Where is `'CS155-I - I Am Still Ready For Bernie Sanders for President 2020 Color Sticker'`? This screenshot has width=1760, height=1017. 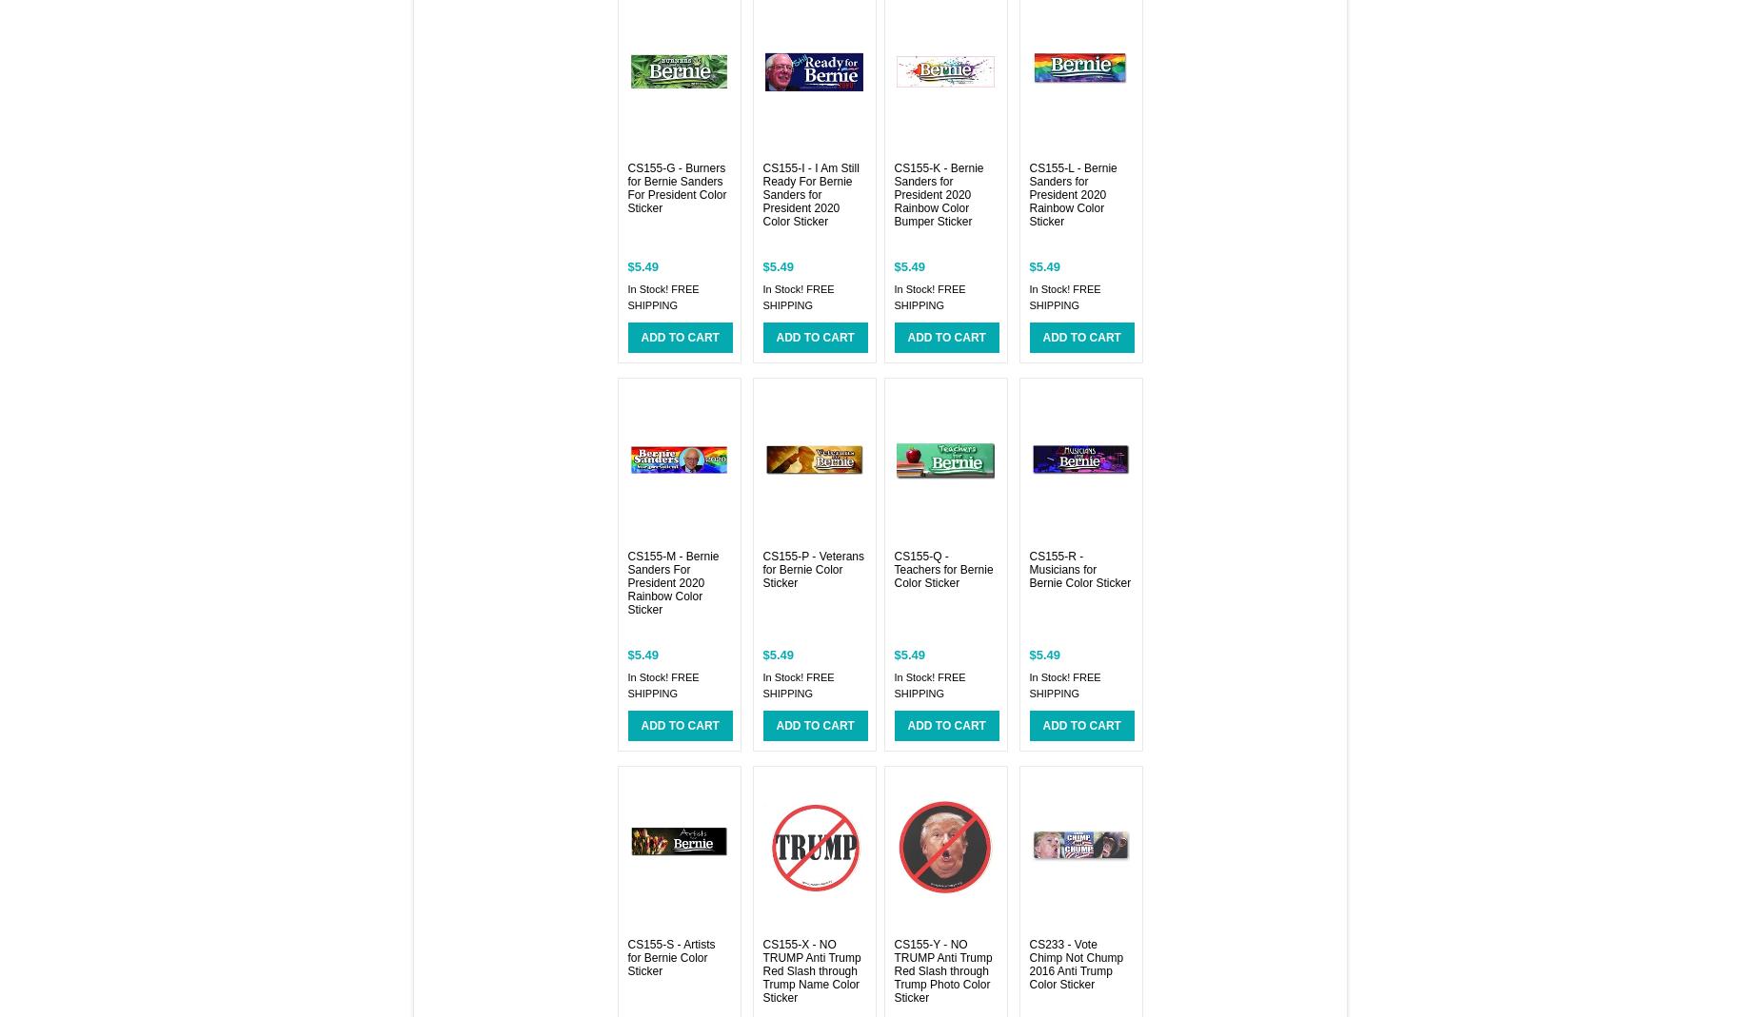
'CS155-I - I Am Still Ready For Bernie Sanders for President 2020 Color Sticker' is located at coordinates (809, 195).